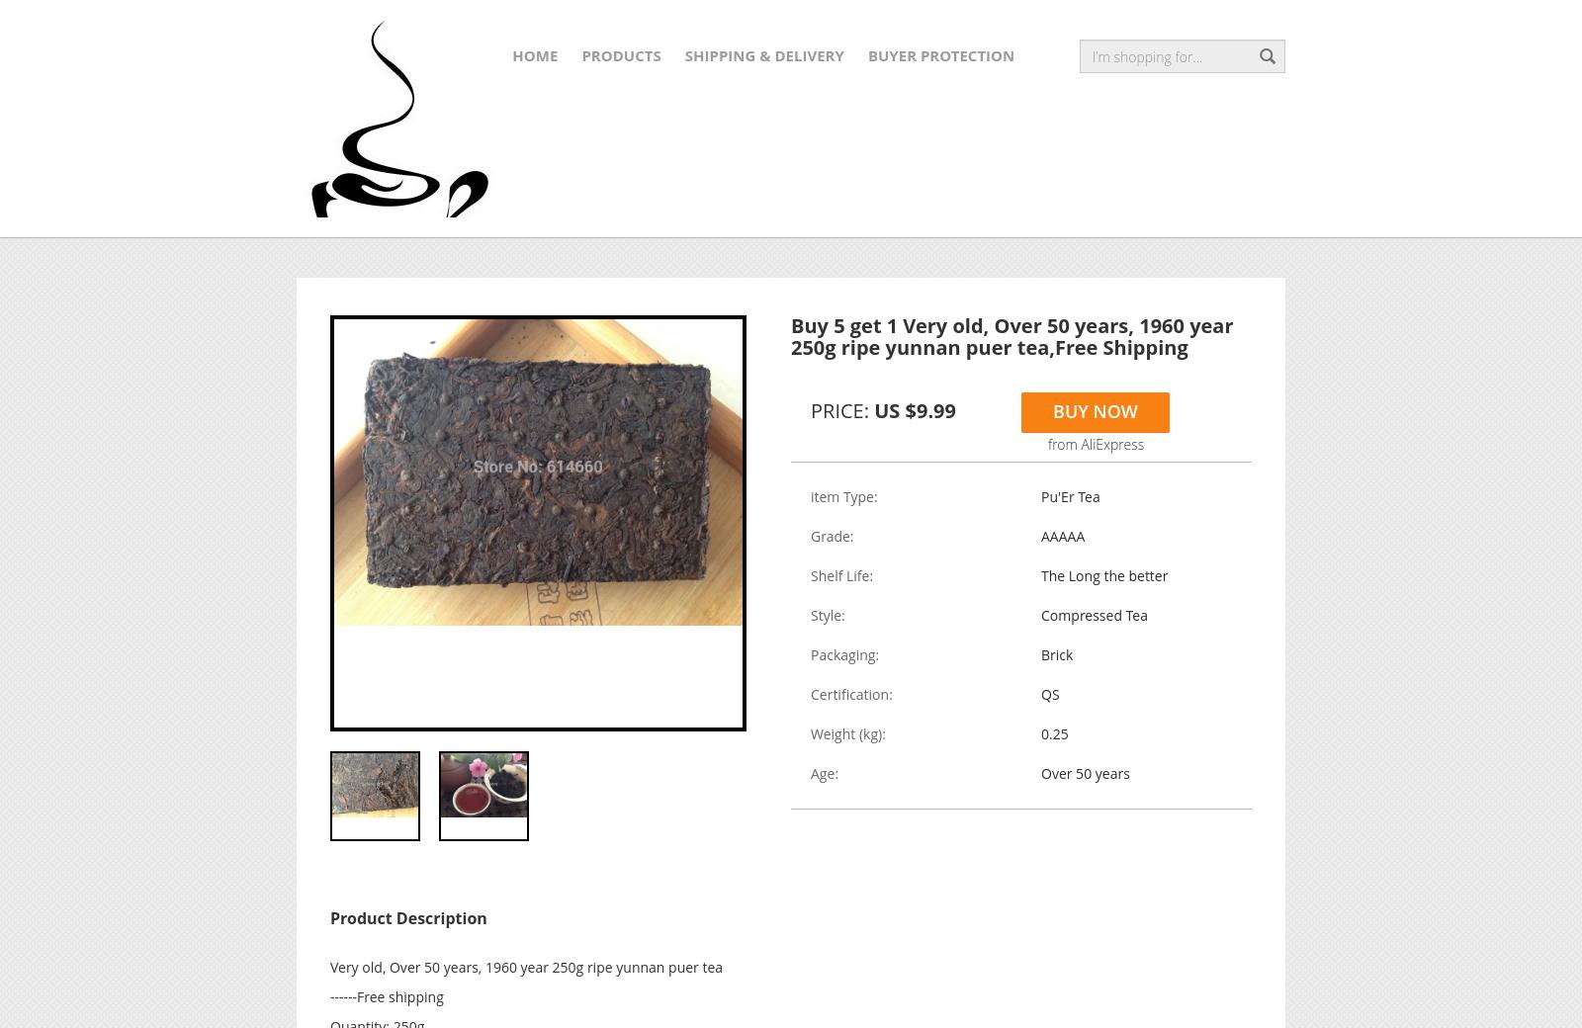 Image resolution: width=1582 pixels, height=1028 pixels. I want to click on 'Brick', so click(1056, 653).